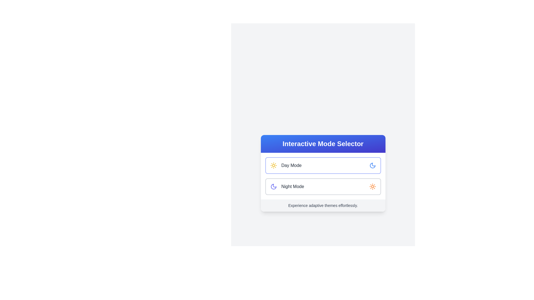  What do you see at coordinates (323, 186) in the screenshot?
I see `the mode option Night Mode to see the hover effect` at bounding box center [323, 186].